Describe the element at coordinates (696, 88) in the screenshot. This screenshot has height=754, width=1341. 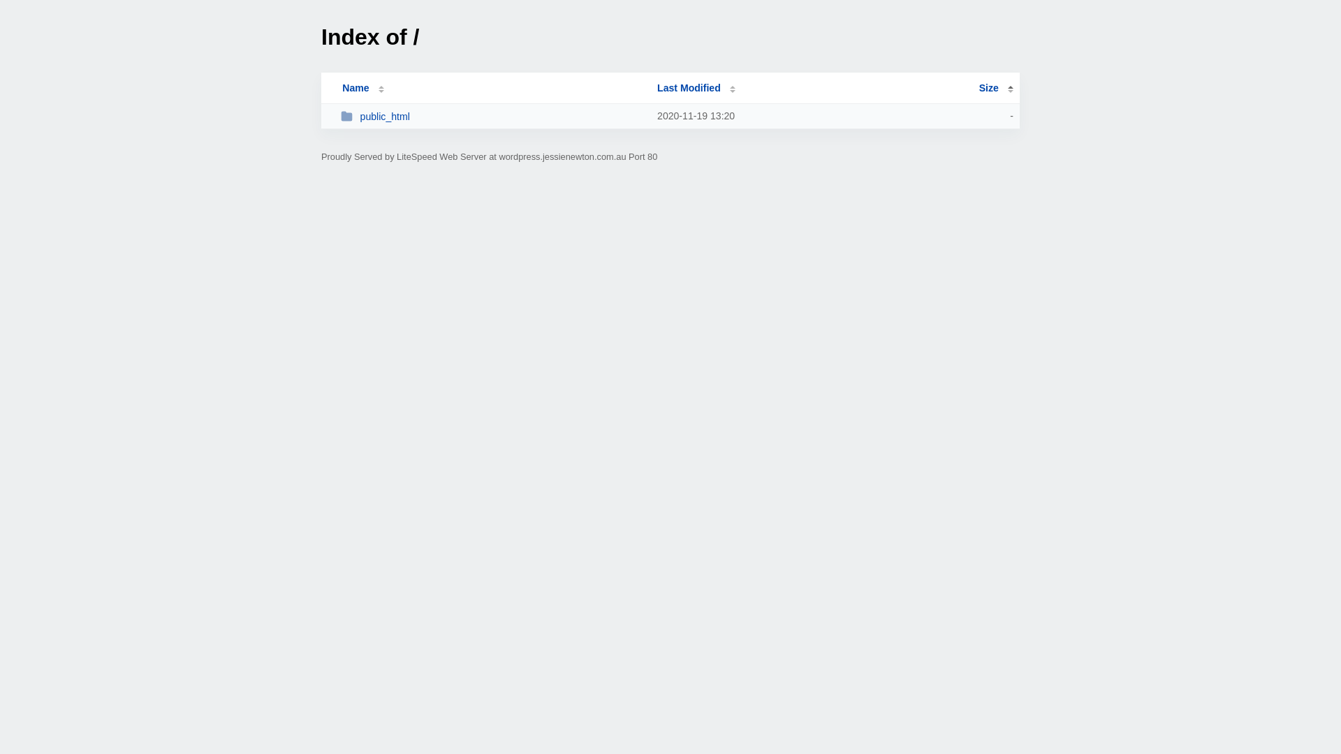
I see `'Last Modified'` at that location.